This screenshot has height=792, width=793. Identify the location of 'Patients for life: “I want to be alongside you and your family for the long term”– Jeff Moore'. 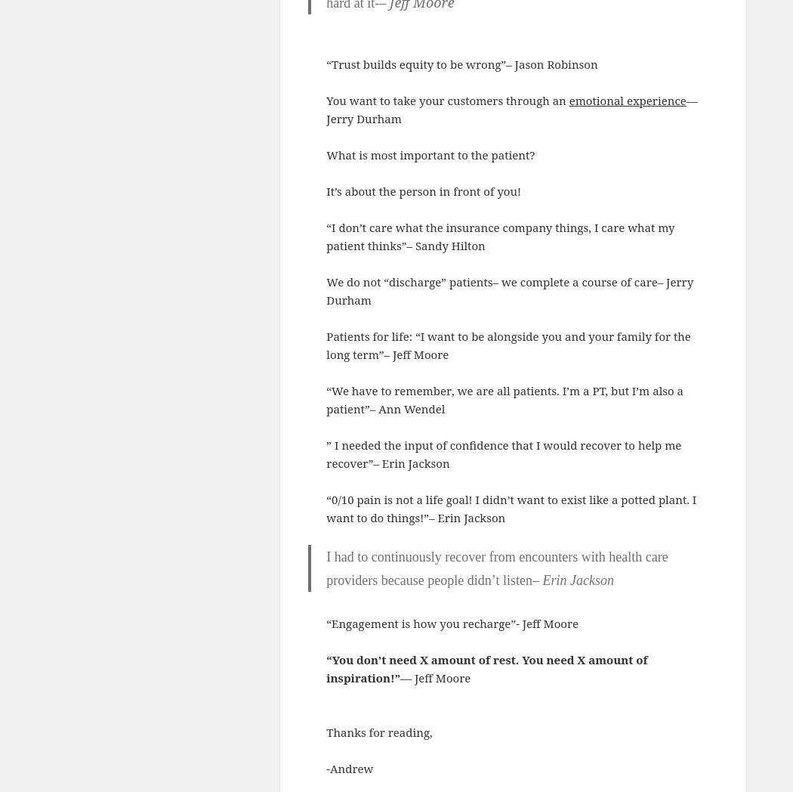
(508, 343).